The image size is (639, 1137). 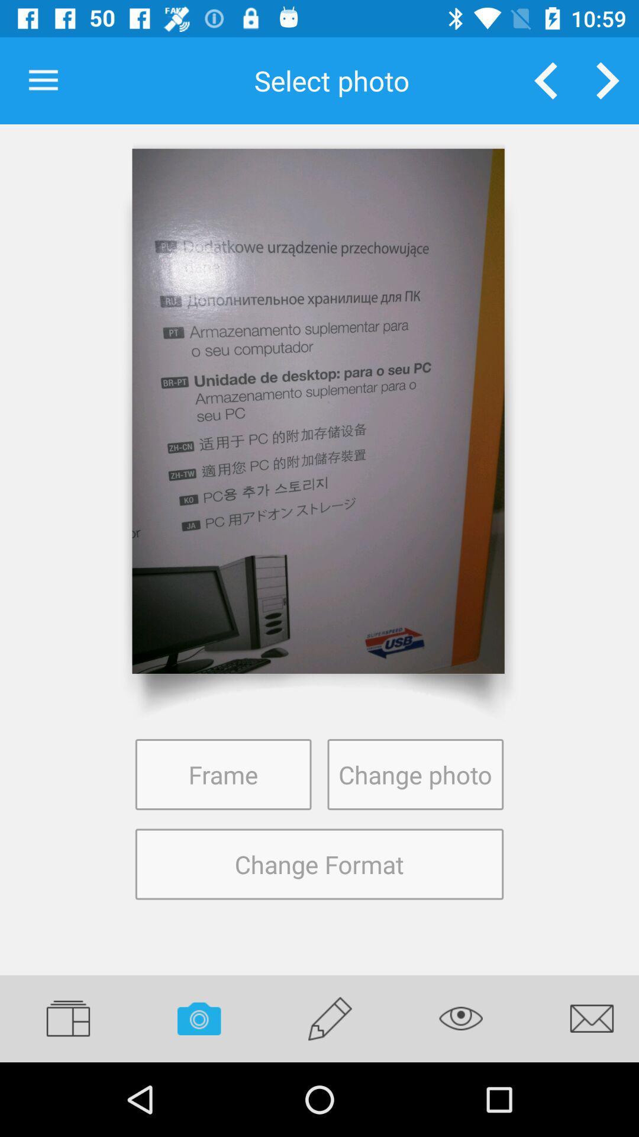 What do you see at coordinates (318, 411) in the screenshot?
I see `image` at bounding box center [318, 411].